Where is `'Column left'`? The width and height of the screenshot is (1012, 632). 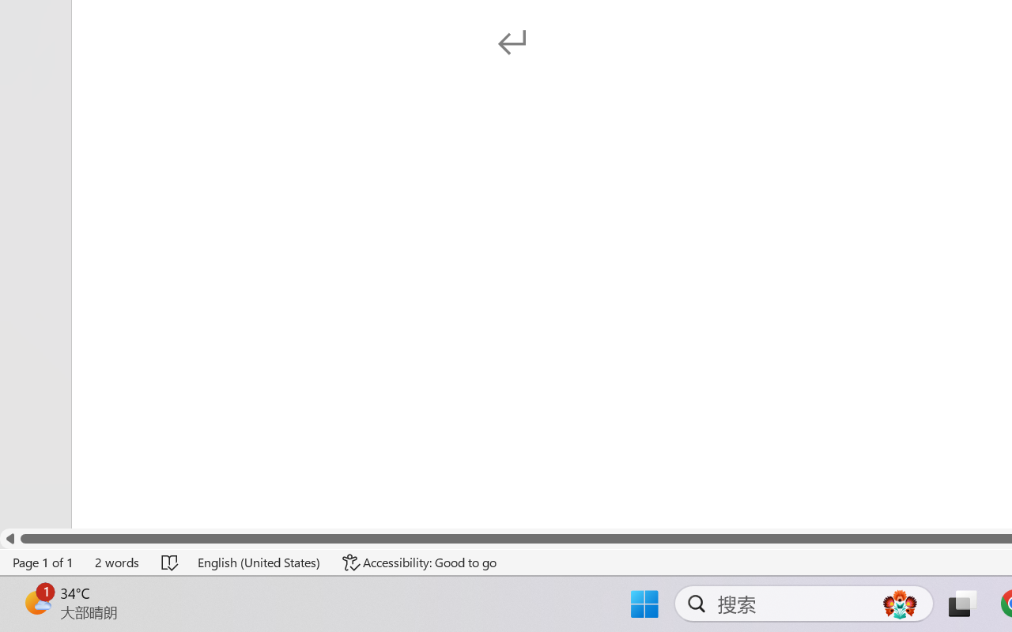 'Column left' is located at coordinates (9, 539).